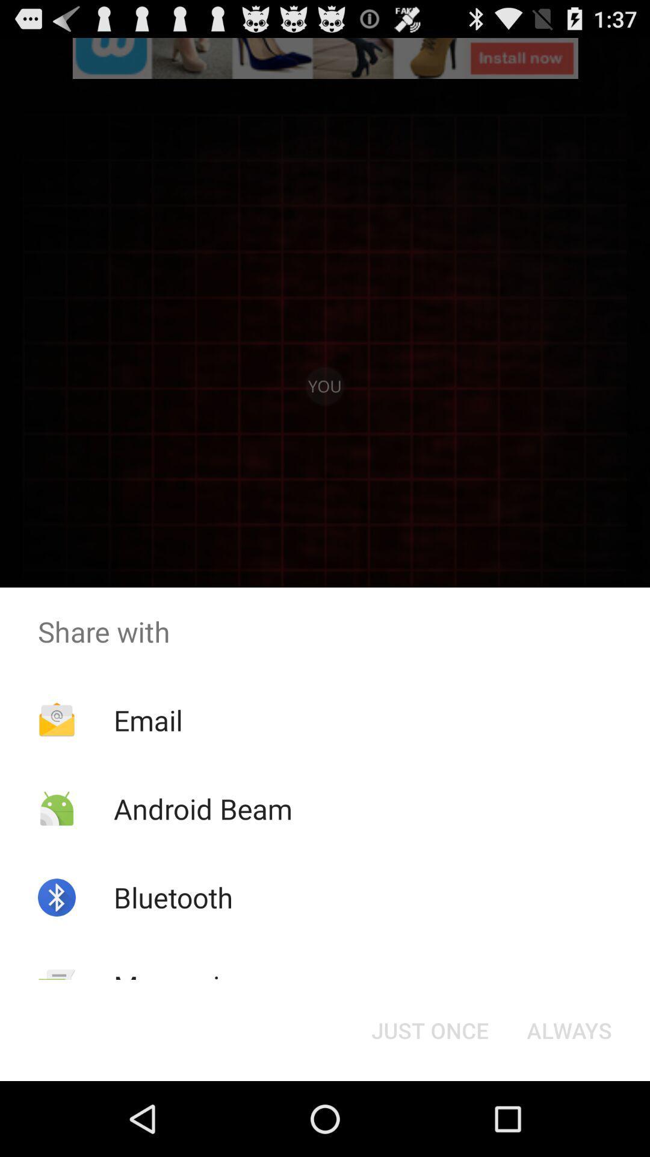 This screenshot has width=650, height=1157. Describe the element at coordinates (569, 1029) in the screenshot. I see `the button to the right of just once item` at that location.